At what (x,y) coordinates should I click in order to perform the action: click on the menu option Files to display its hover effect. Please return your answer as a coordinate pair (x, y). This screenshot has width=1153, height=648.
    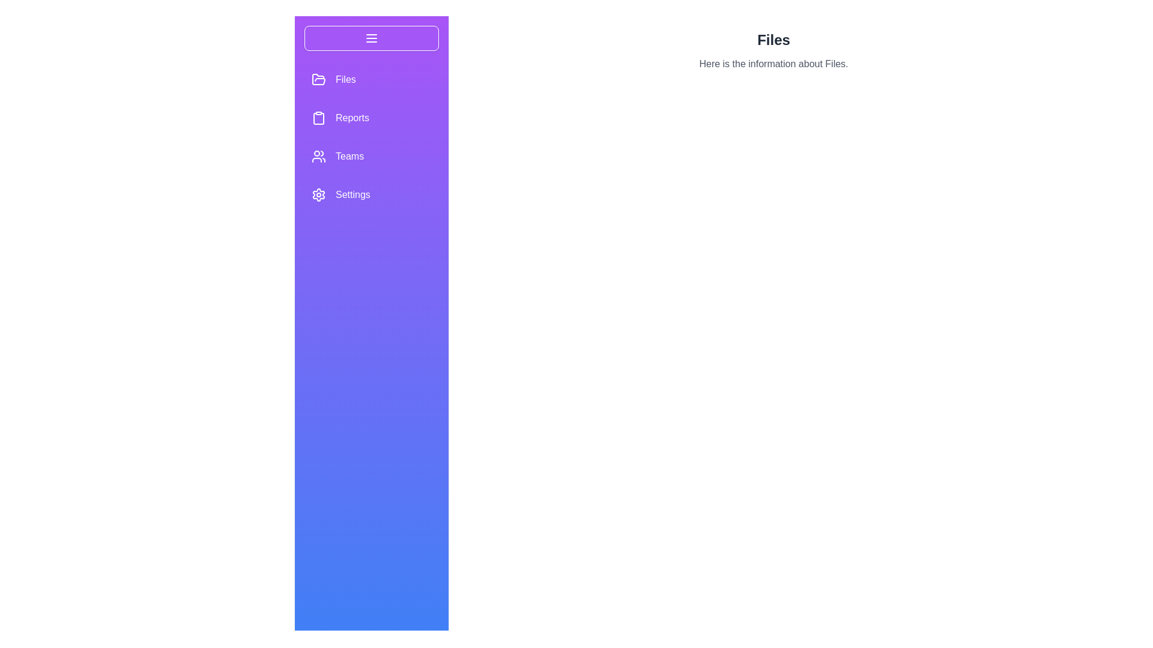
    Looking at the image, I should click on (371, 79).